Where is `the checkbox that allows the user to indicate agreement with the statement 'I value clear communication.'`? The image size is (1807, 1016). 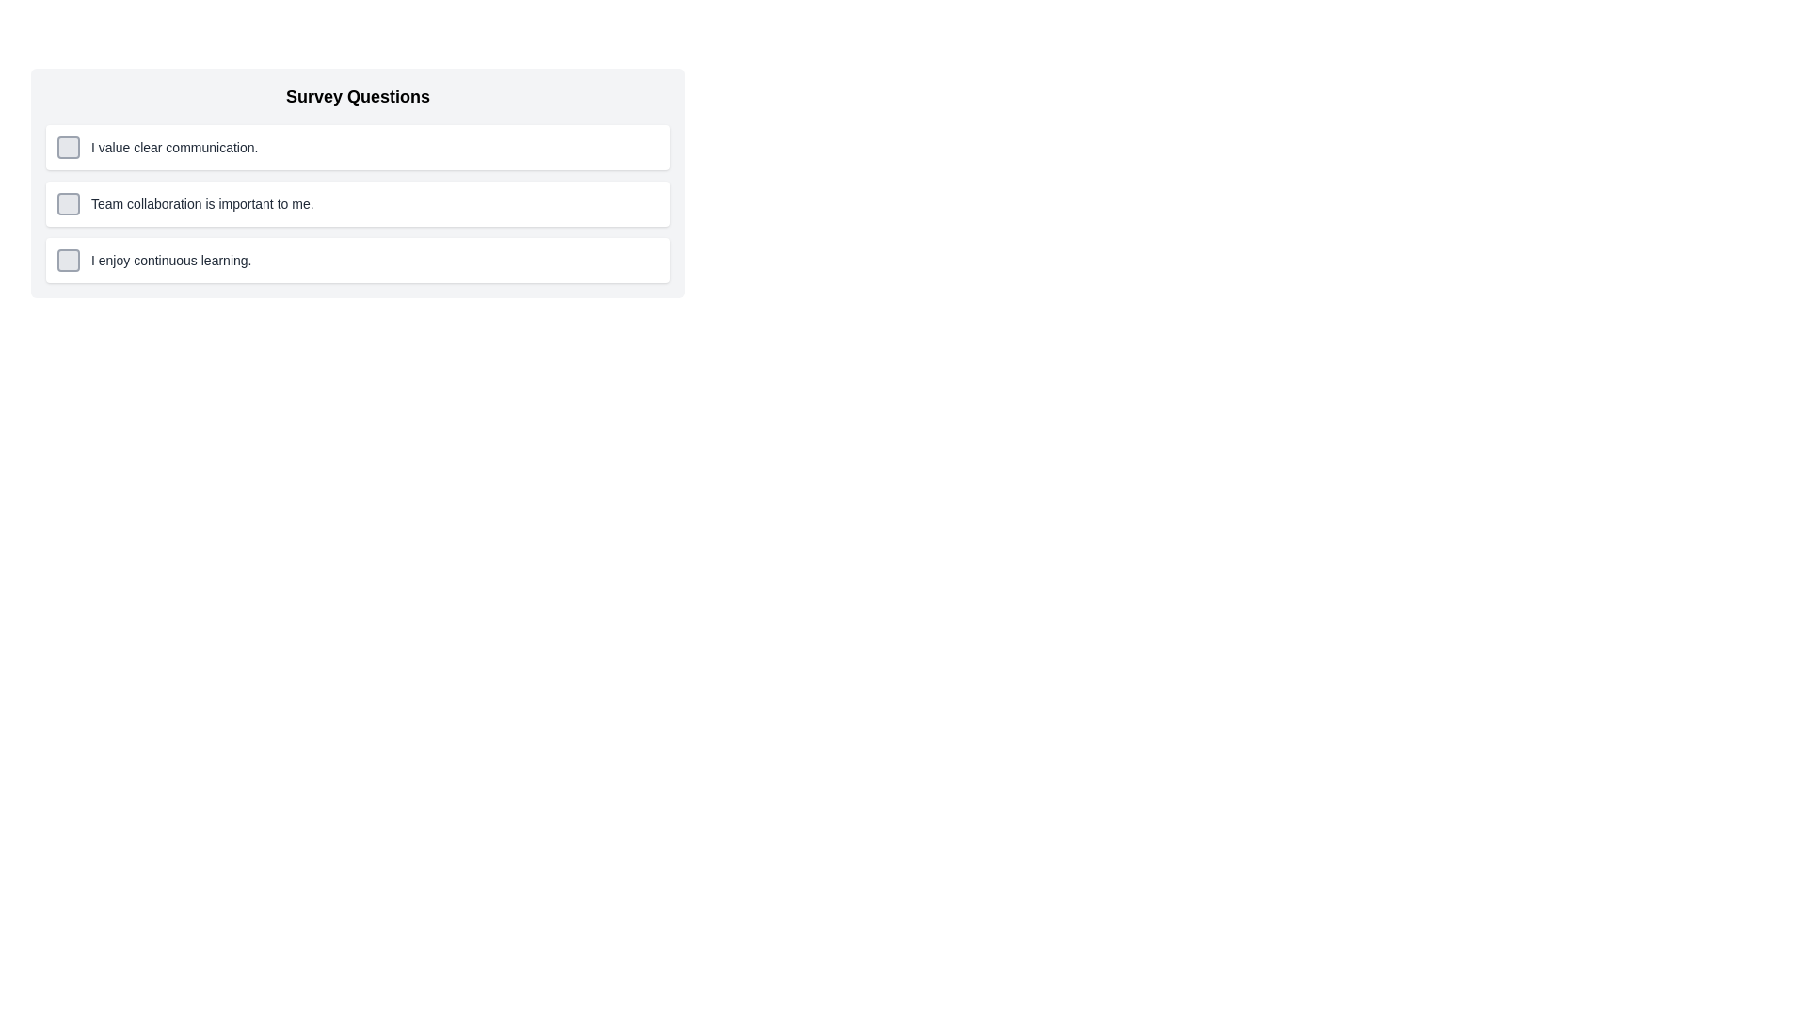
the checkbox that allows the user to indicate agreement with the statement 'I value clear communication.' is located at coordinates (68, 147).